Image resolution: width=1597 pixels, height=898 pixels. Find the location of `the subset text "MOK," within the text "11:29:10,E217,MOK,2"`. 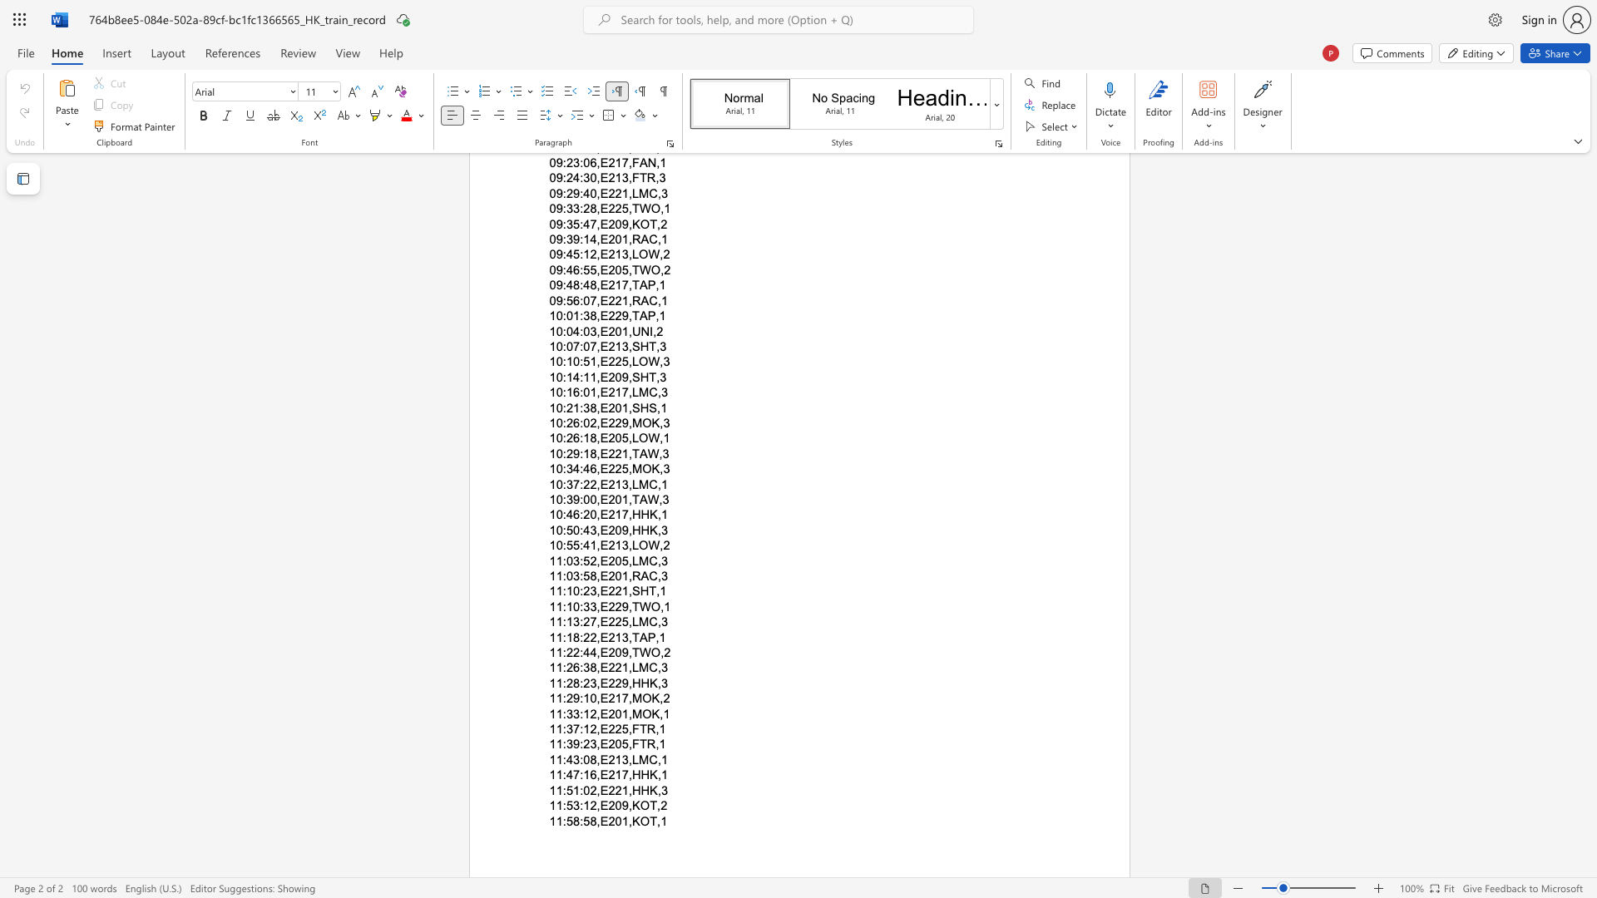

the subset text "MOK," within the text "11:29:10,E217,MOK,2" is located at coordinates (630, 698).